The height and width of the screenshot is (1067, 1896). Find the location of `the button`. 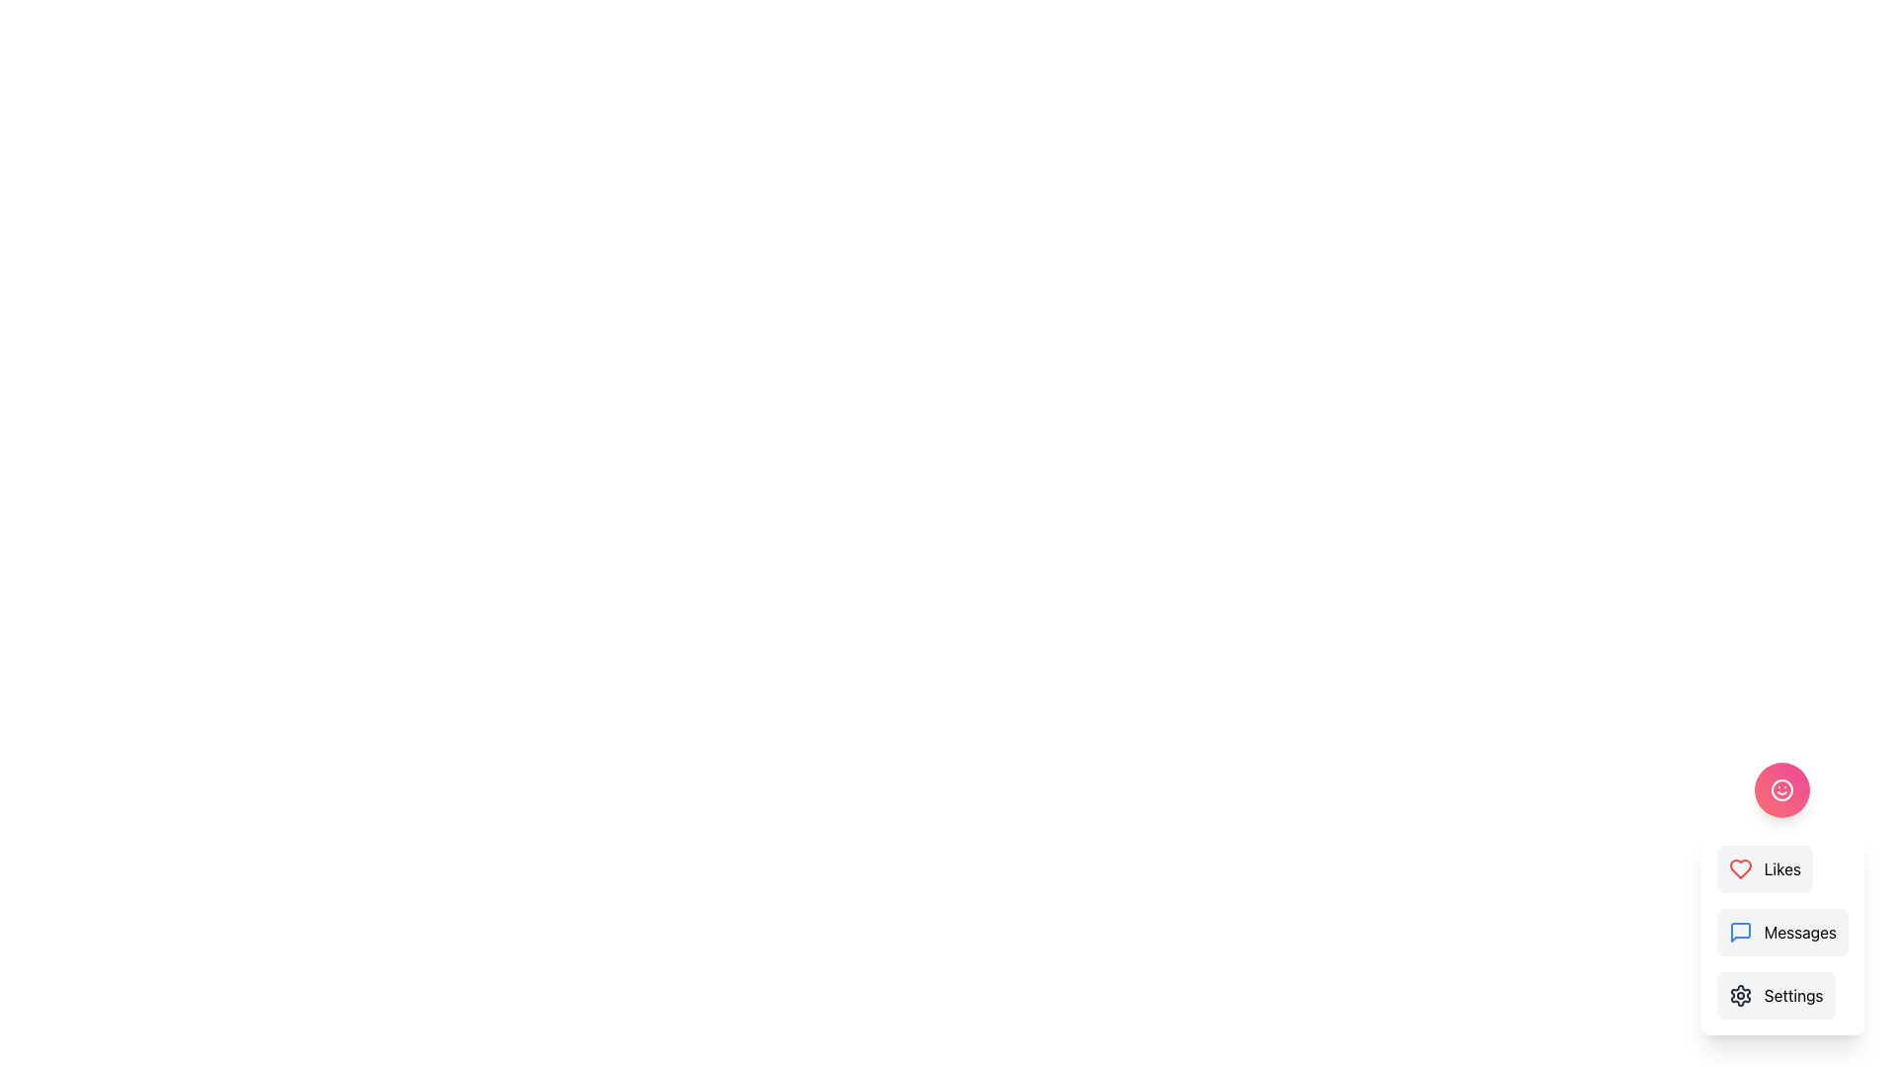

the button is located at coordinates (1782, 788).